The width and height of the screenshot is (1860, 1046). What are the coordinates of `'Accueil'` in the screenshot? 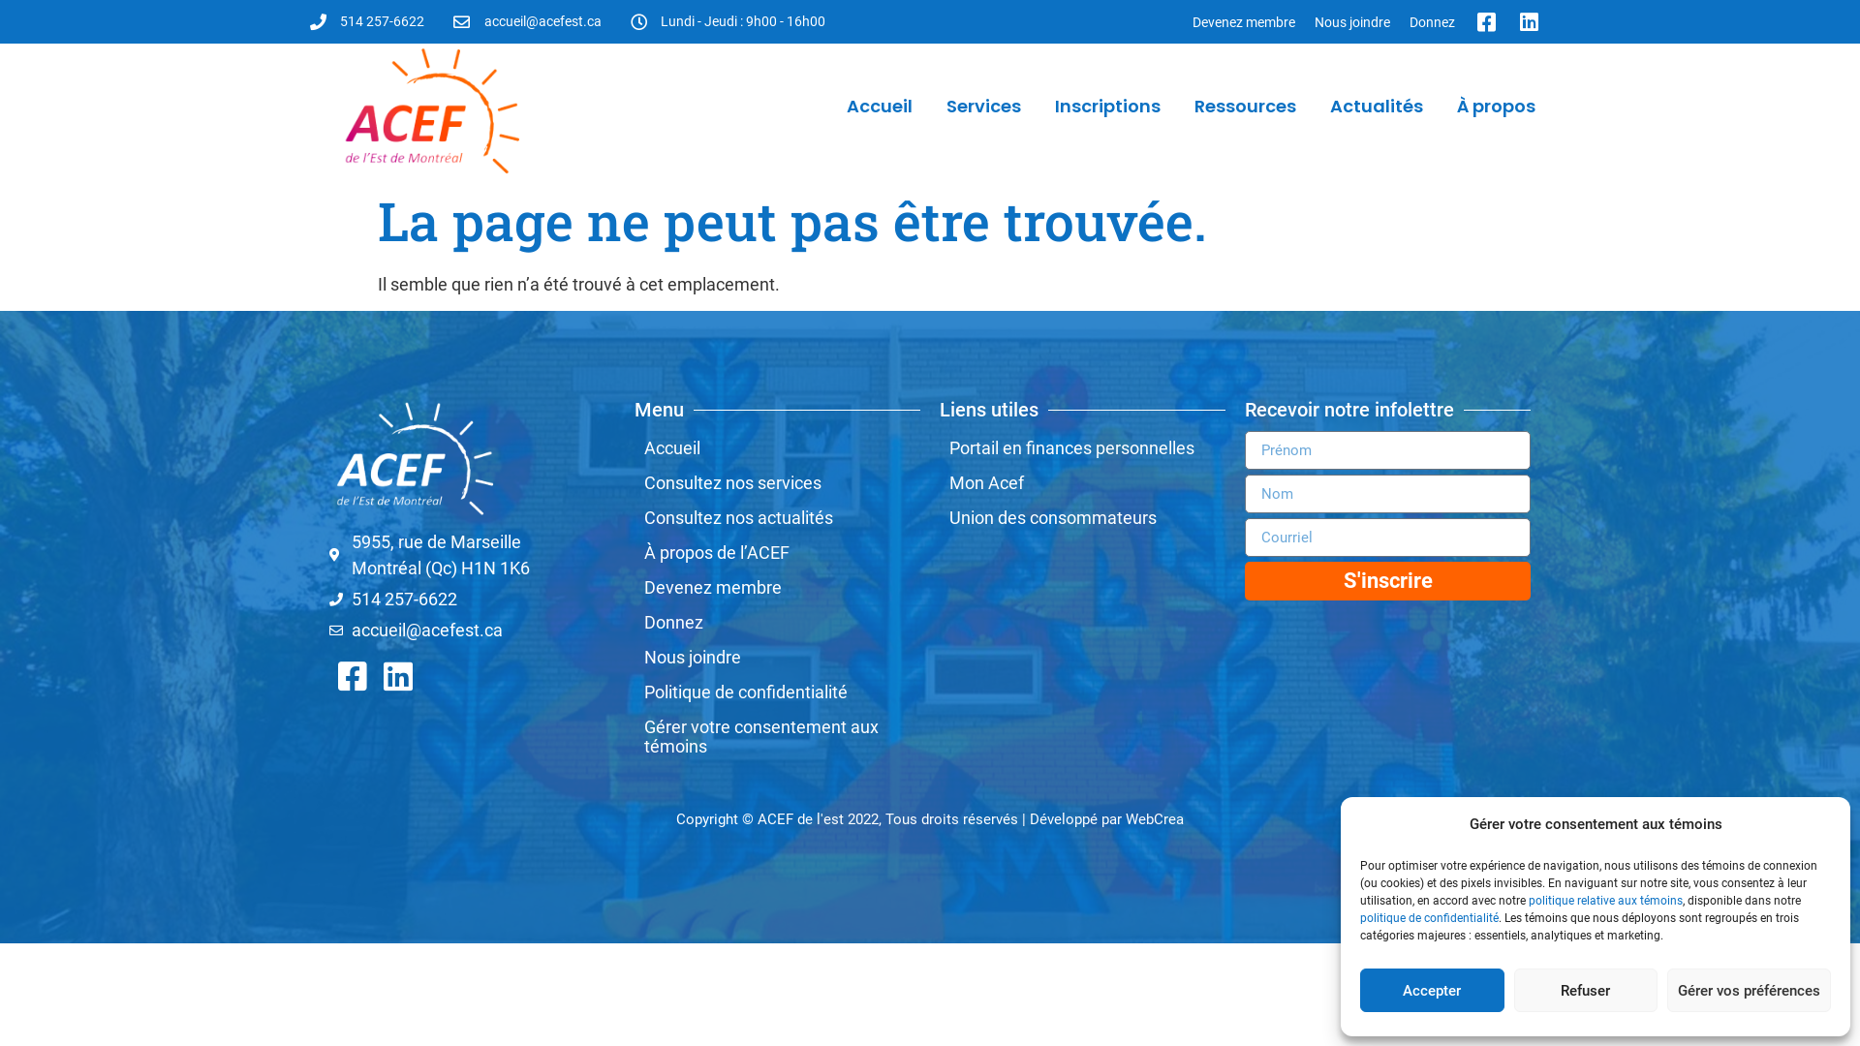 It's located at (777, 447).